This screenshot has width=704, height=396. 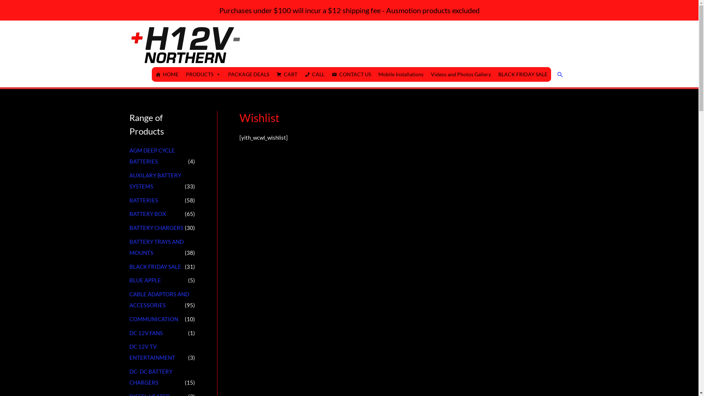 I want to click on 'PACKAGE DEALS', so click(x=248, y=74).